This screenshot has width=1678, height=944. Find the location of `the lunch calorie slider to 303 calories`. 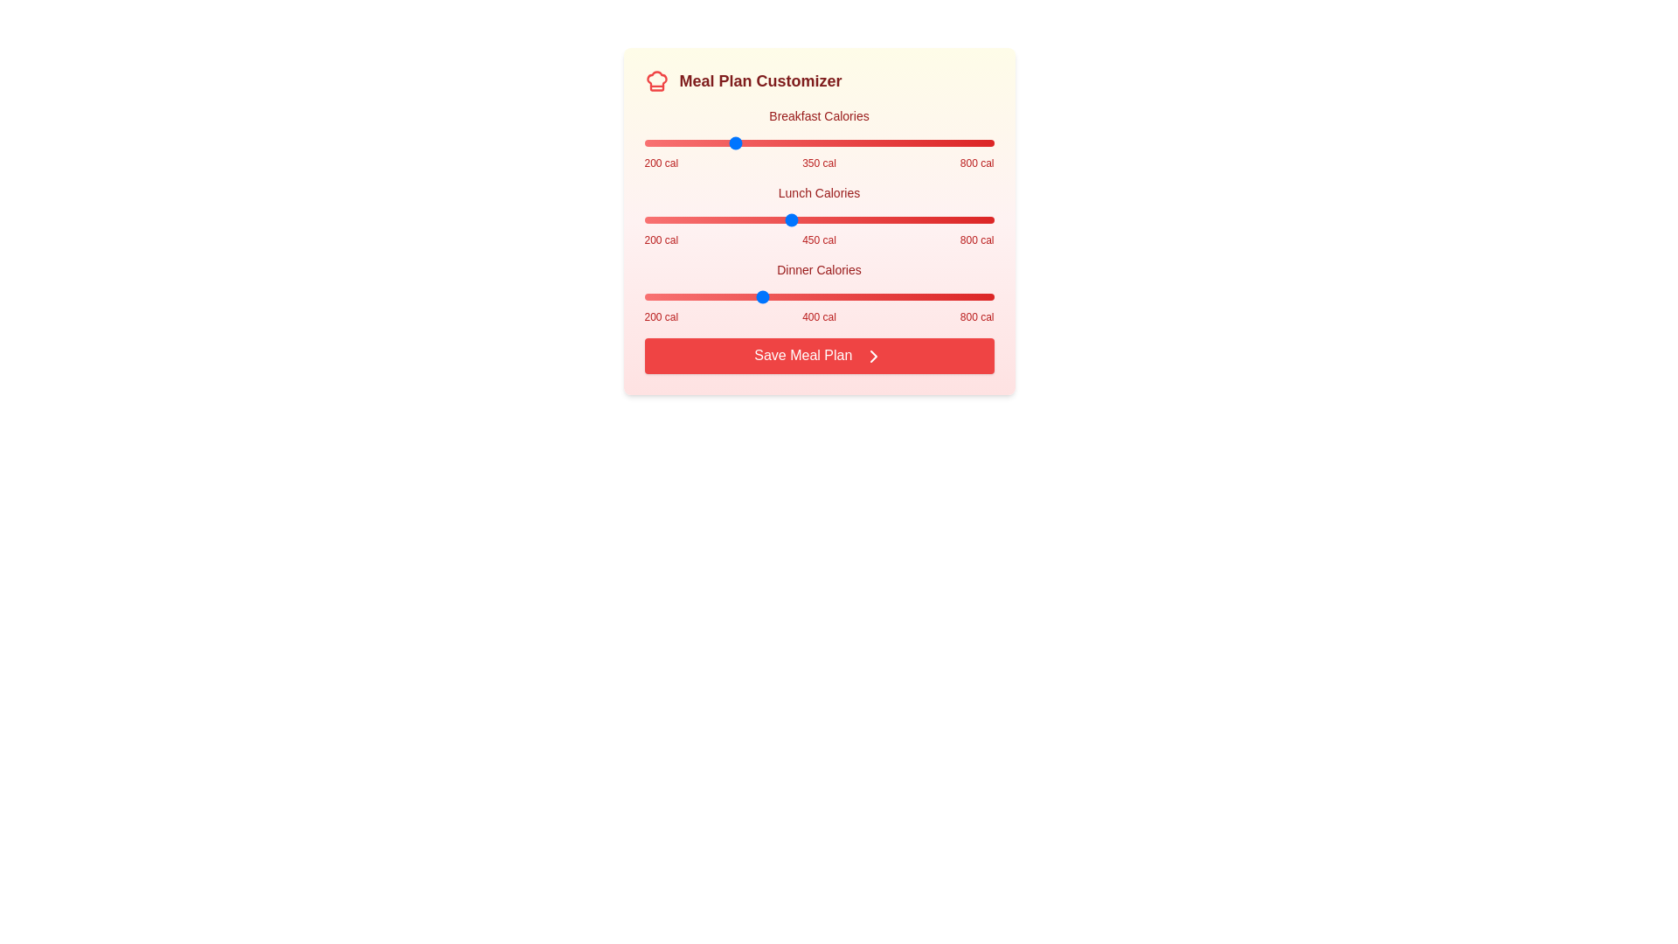

the lunch calorie slider to 303 calories is located at coordinates (704, 219).